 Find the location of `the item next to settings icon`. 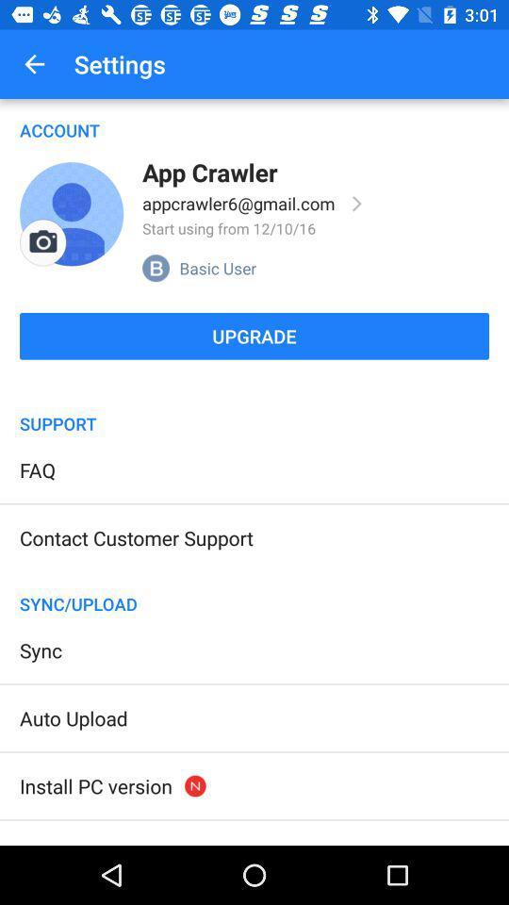

the item next to settings icon is located at coordinates (34, 64).